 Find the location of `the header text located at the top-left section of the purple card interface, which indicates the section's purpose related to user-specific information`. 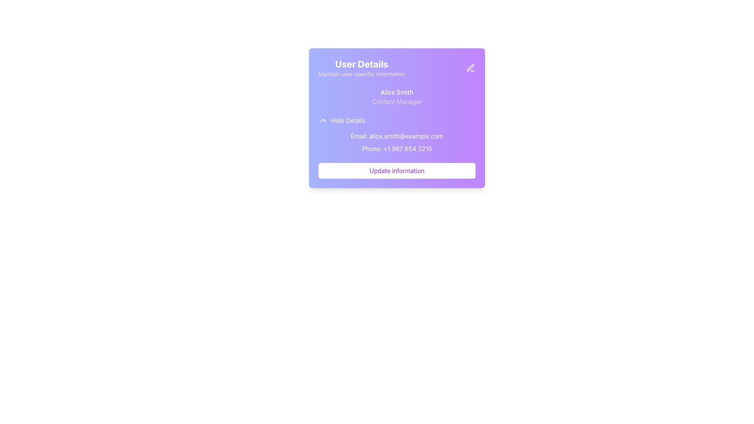

the header text located at the top-left section of the purple card interface, which indicates the section's purpose related to user-specific information is located at coordinates (361, 63).